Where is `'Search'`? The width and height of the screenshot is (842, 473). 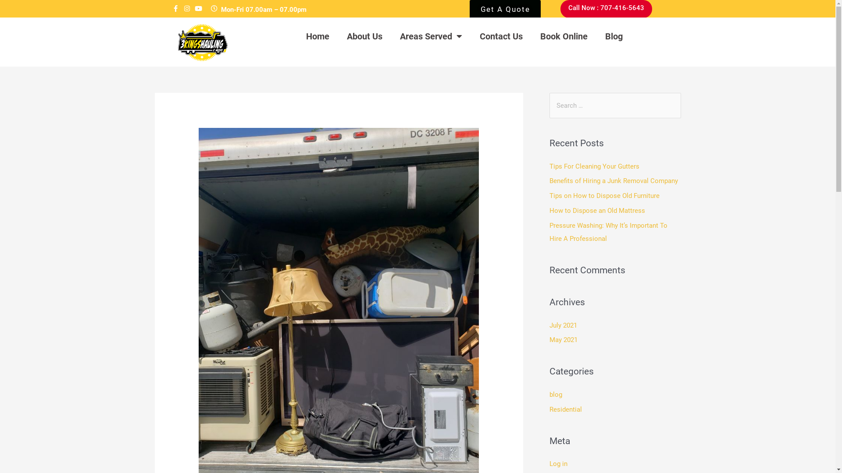 'Search' is located at coordinates (671, 101).